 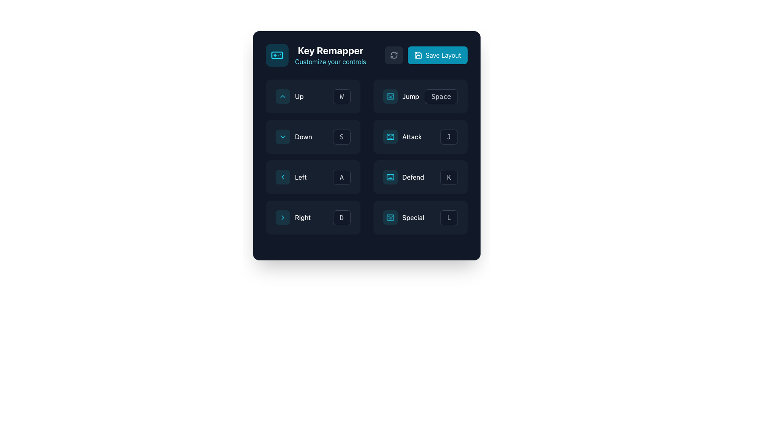 What do you see at coordinates (283, 177) in the screenshot?
I see `the non-interactive cyan chevron icon pointing left, which is part of the 'Left' button in the key remapper interface` at bounding box center [283, 177].